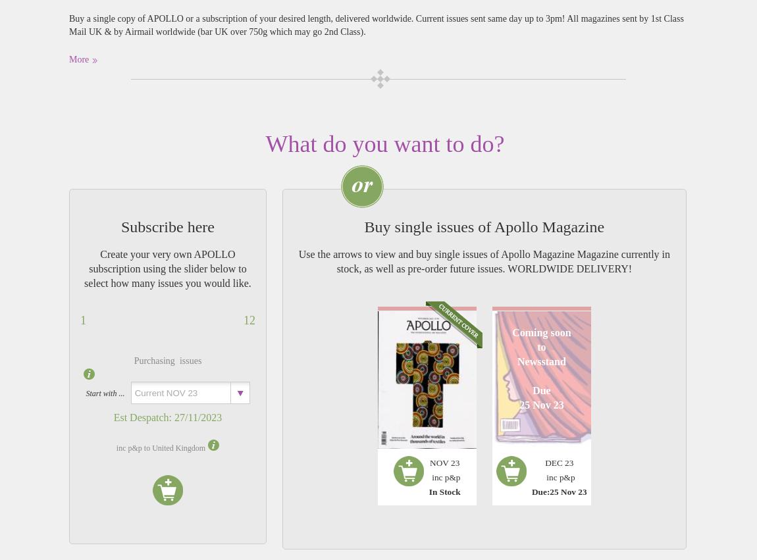 The image size is (757, 560). Describe the element at coordinates (82, 320) in the screenshot. I see `'1'` at that location.